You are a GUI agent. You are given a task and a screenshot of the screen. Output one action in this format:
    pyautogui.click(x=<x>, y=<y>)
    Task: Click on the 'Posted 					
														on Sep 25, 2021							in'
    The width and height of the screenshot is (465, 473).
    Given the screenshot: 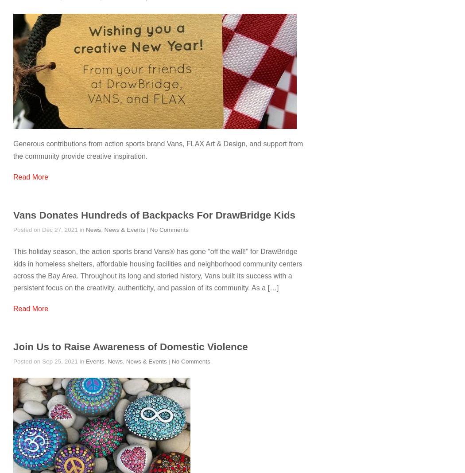 What is the action you would take?
    pyautogui.click(x=50, y=361)
    